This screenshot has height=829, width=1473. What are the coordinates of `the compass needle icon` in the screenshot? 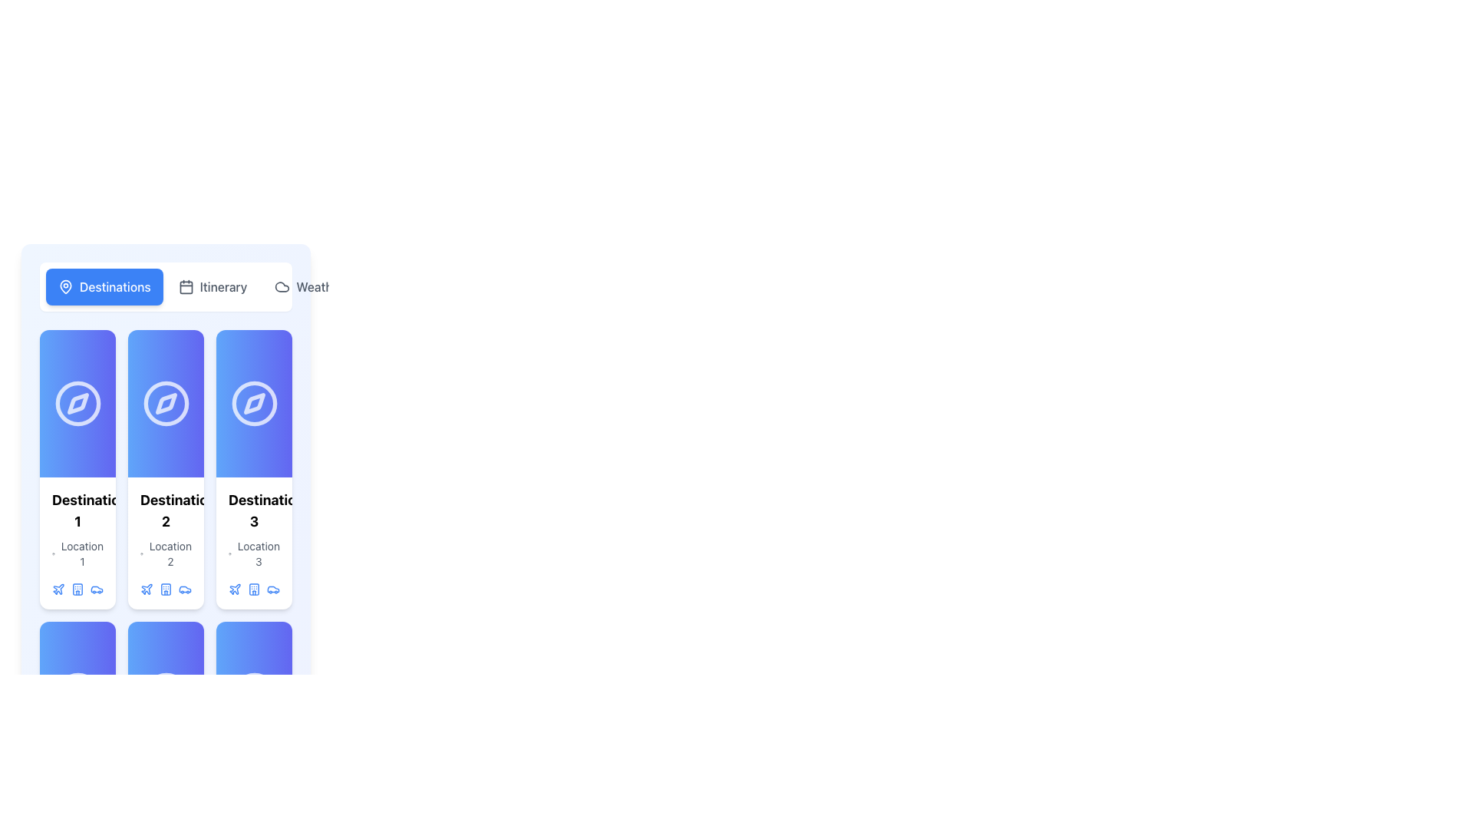 It's located at (254, 402).